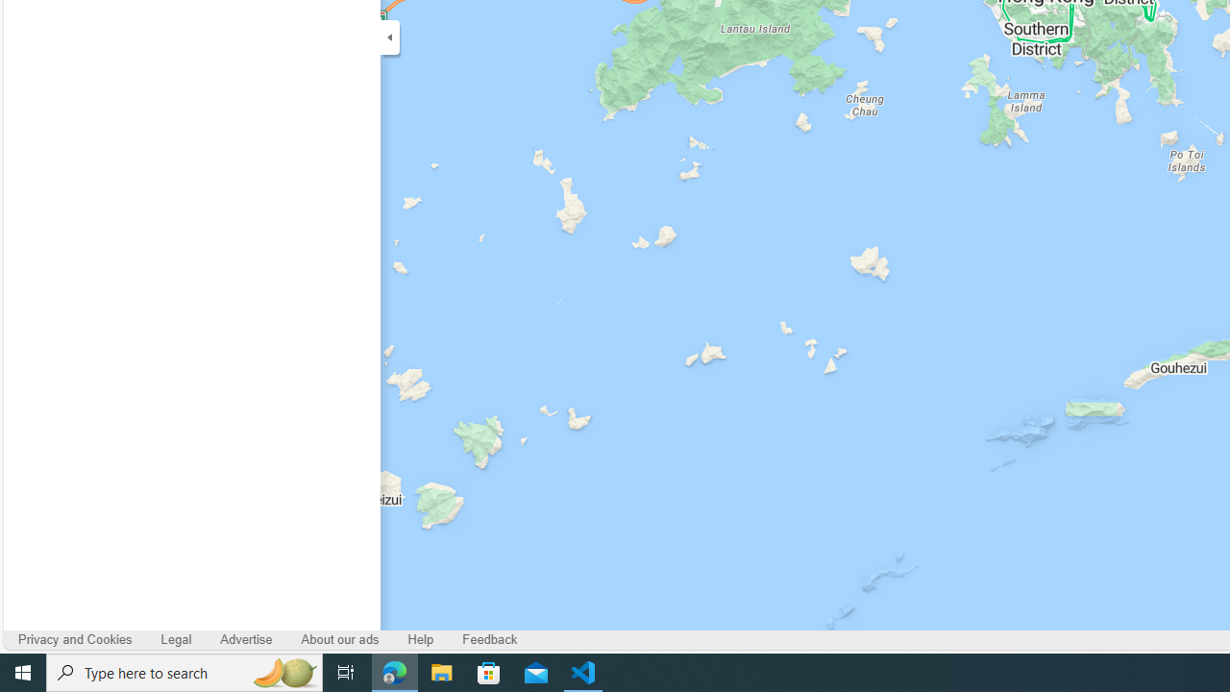  I want to click on 'Legal', so click(176, 639).